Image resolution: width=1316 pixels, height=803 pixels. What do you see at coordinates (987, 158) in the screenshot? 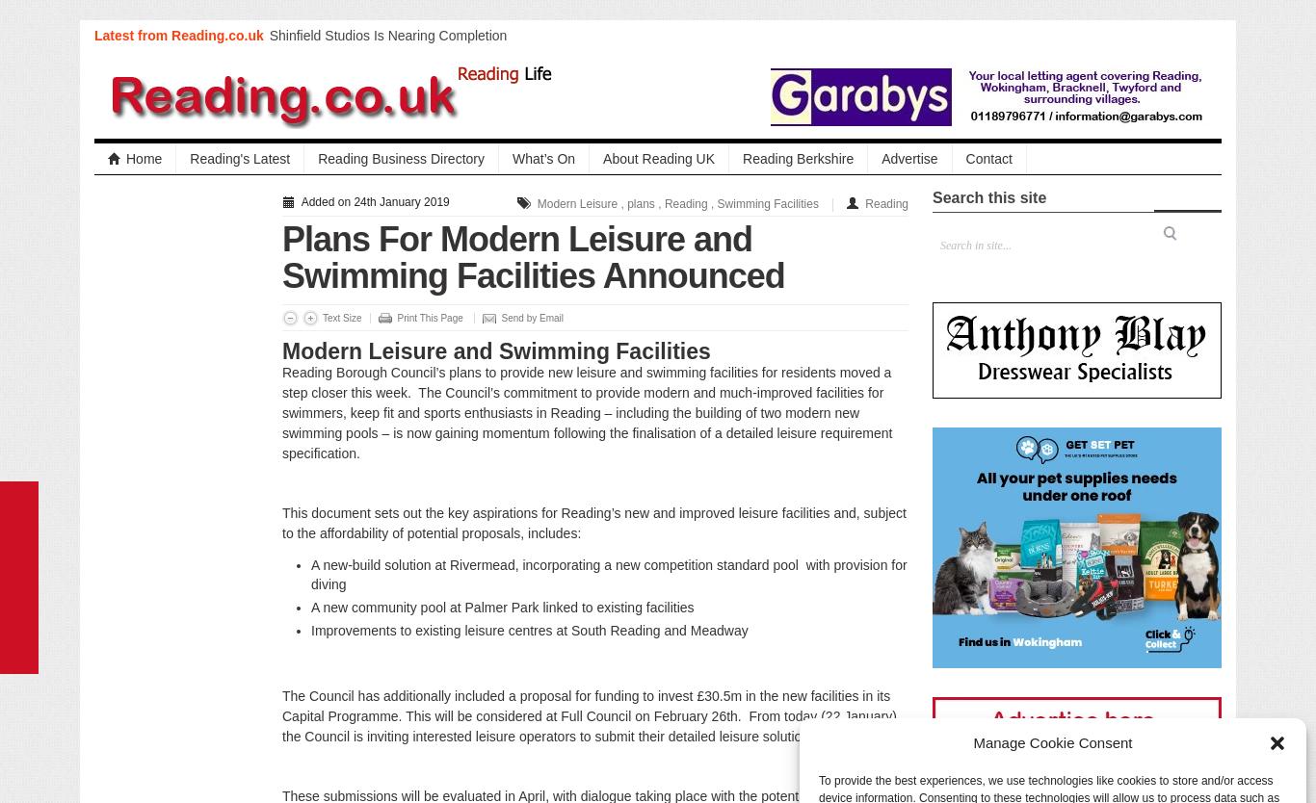
I see `'Contact'` at bounding box center [987, 158].